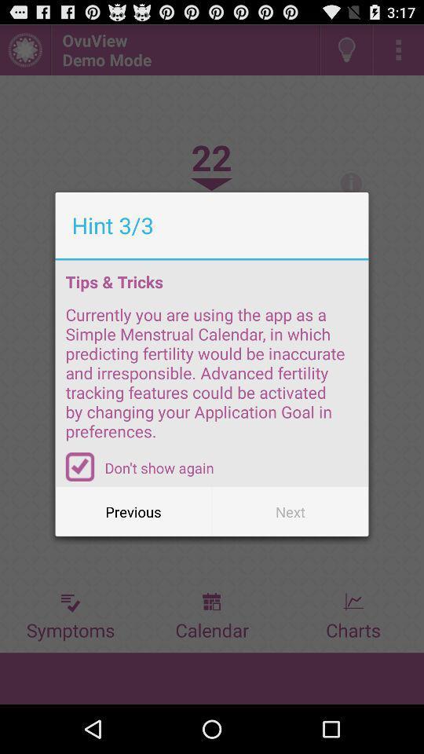 The image size is (424, 754). I want to click on item to the right of the previous icon, so click(289, 511).